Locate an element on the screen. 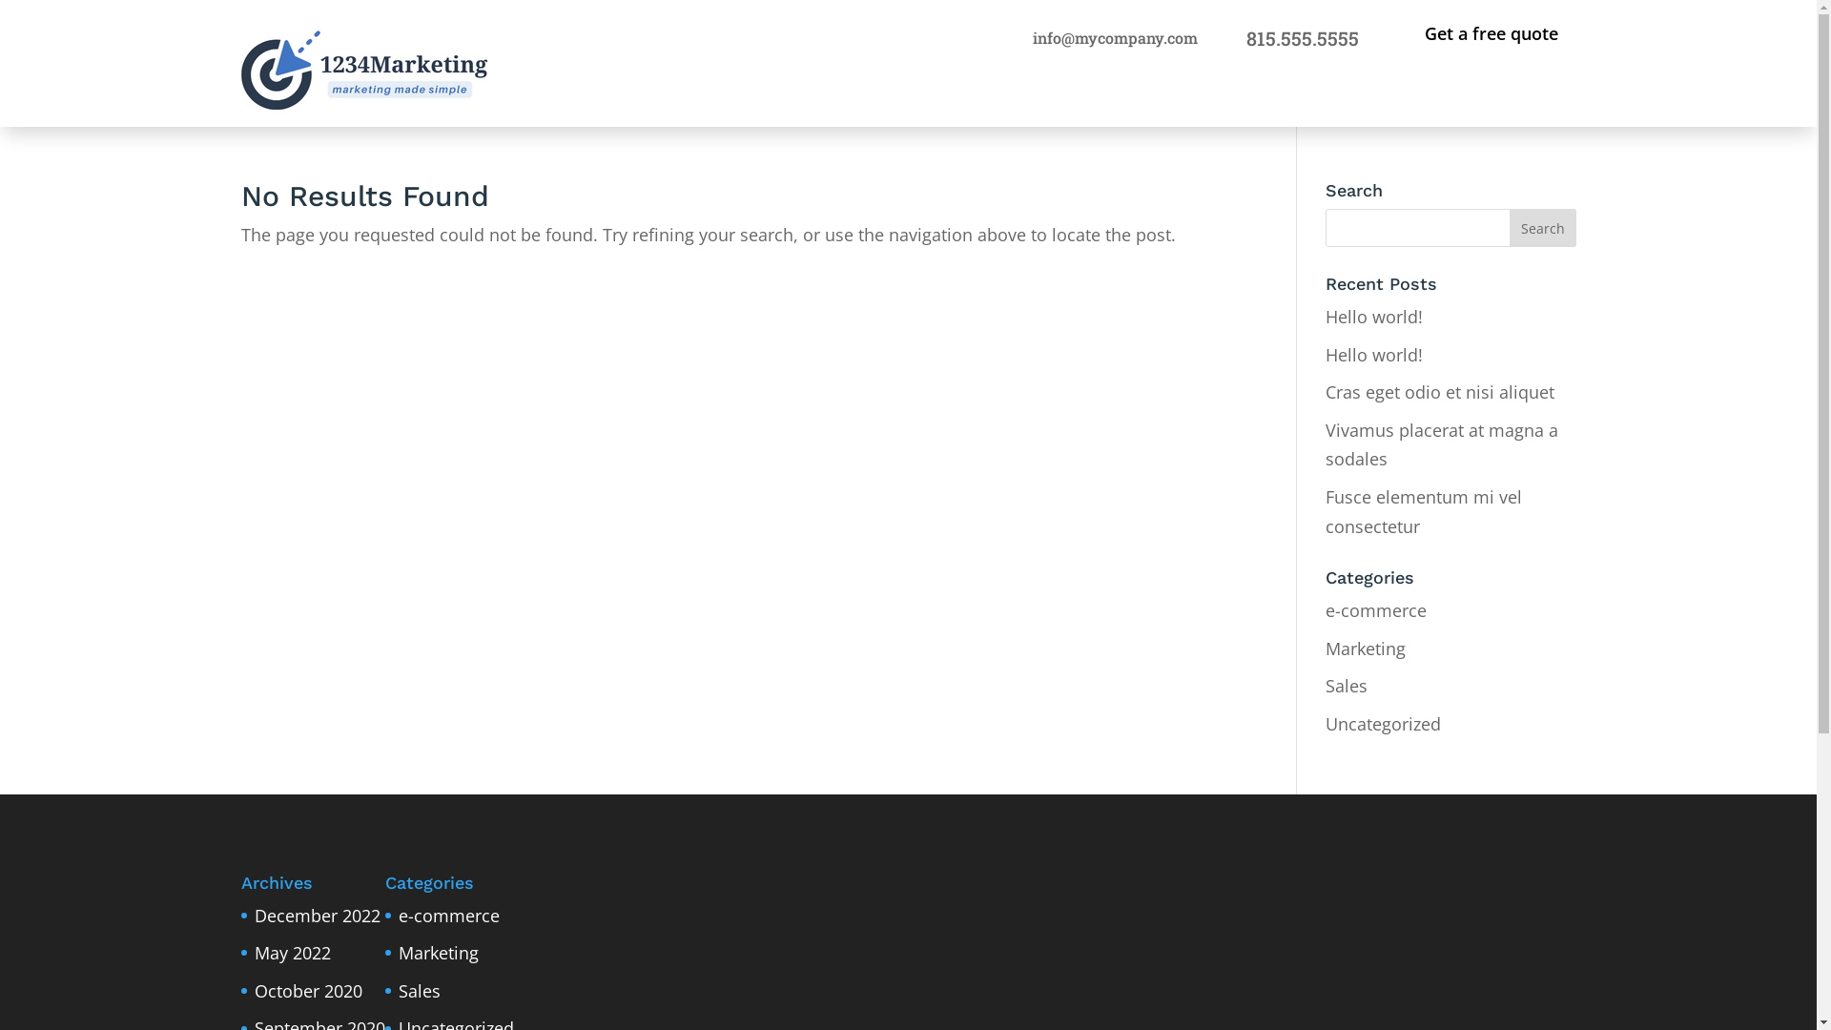 This screenshot has width=1831, height=1030. 'Hello world!' is located at coordinates (1373, 354).